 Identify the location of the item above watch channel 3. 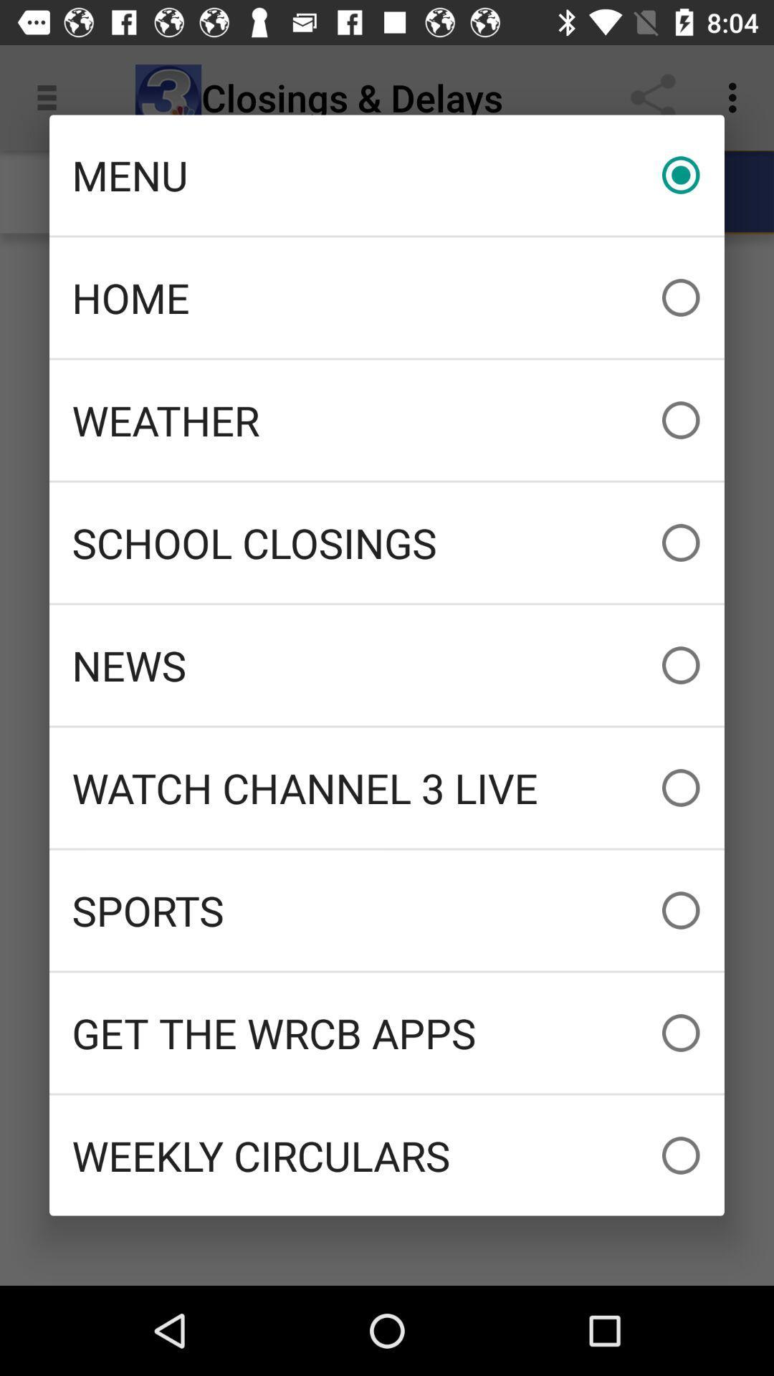
(387, 664).